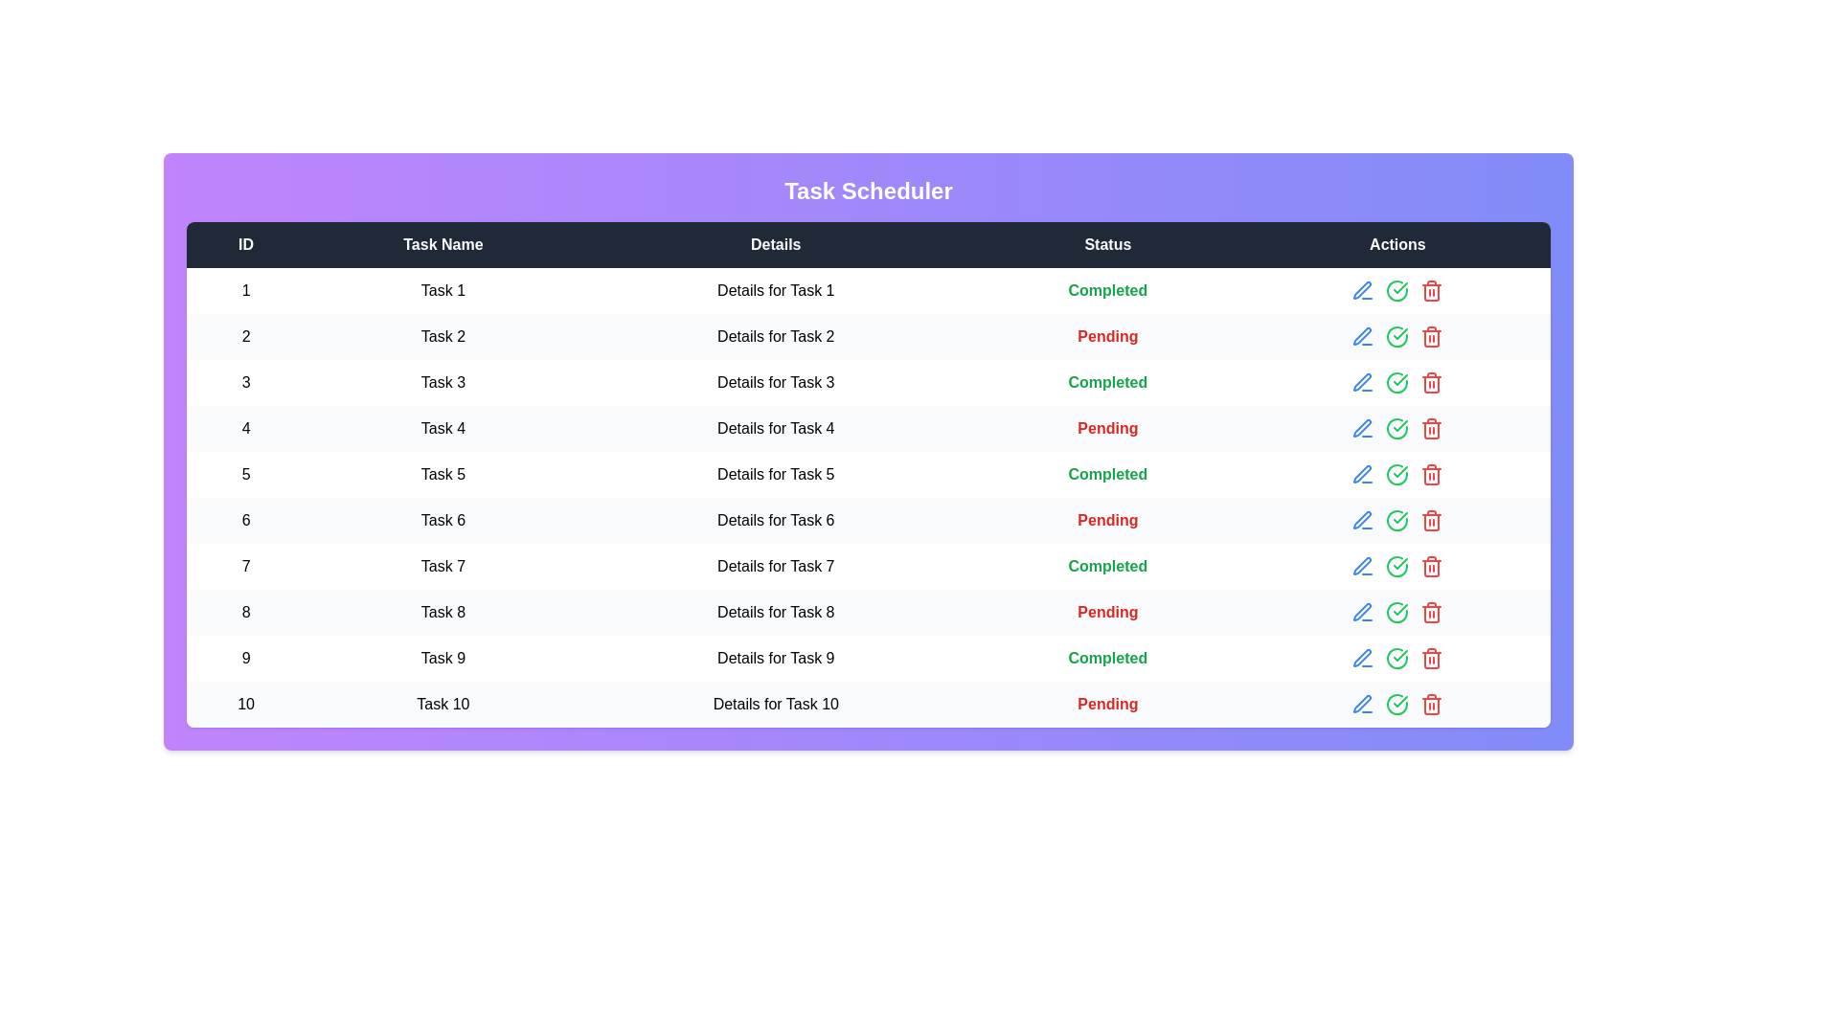 The height and width of the screenshot is (1034, 1839). What do you see at coordinates (1397, 243) in the screenshot?
I see `the column header Actions to sort the tasks by that column` at bounding box center [1397, 243].